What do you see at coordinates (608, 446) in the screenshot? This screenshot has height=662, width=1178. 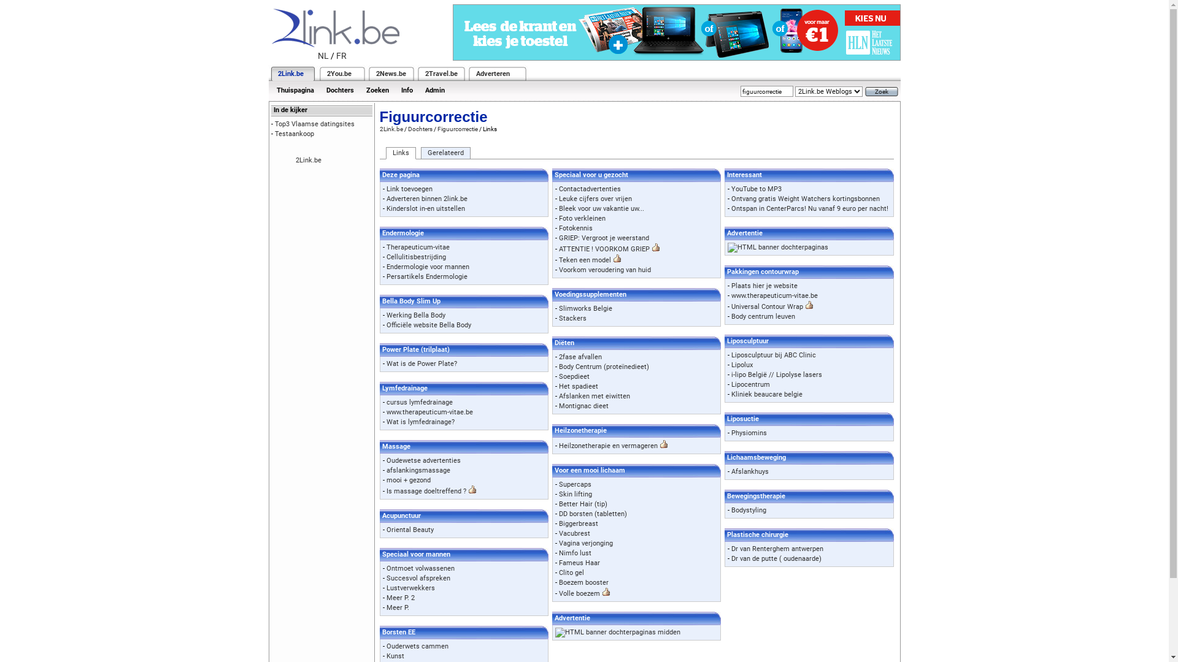 I see `'Heilzonetherapie en vermageren'` at bounding box center [608, 446].